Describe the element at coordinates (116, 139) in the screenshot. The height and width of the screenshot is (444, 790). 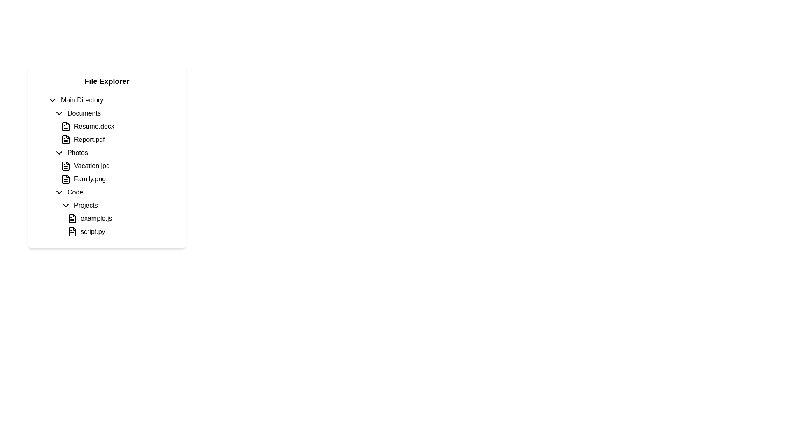
I see `the file entry titled 'Report.pdf' in the file explorer` at that location.